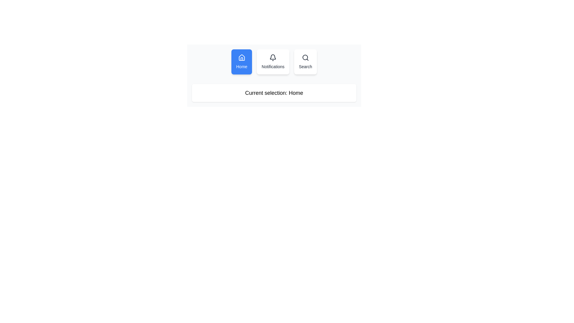 This screenshot has height=323, width=574. What do you see at coordinates (242, 62) in the screenshot?
I see `the 'Home' navigation button` at bounding box center [242, 62].